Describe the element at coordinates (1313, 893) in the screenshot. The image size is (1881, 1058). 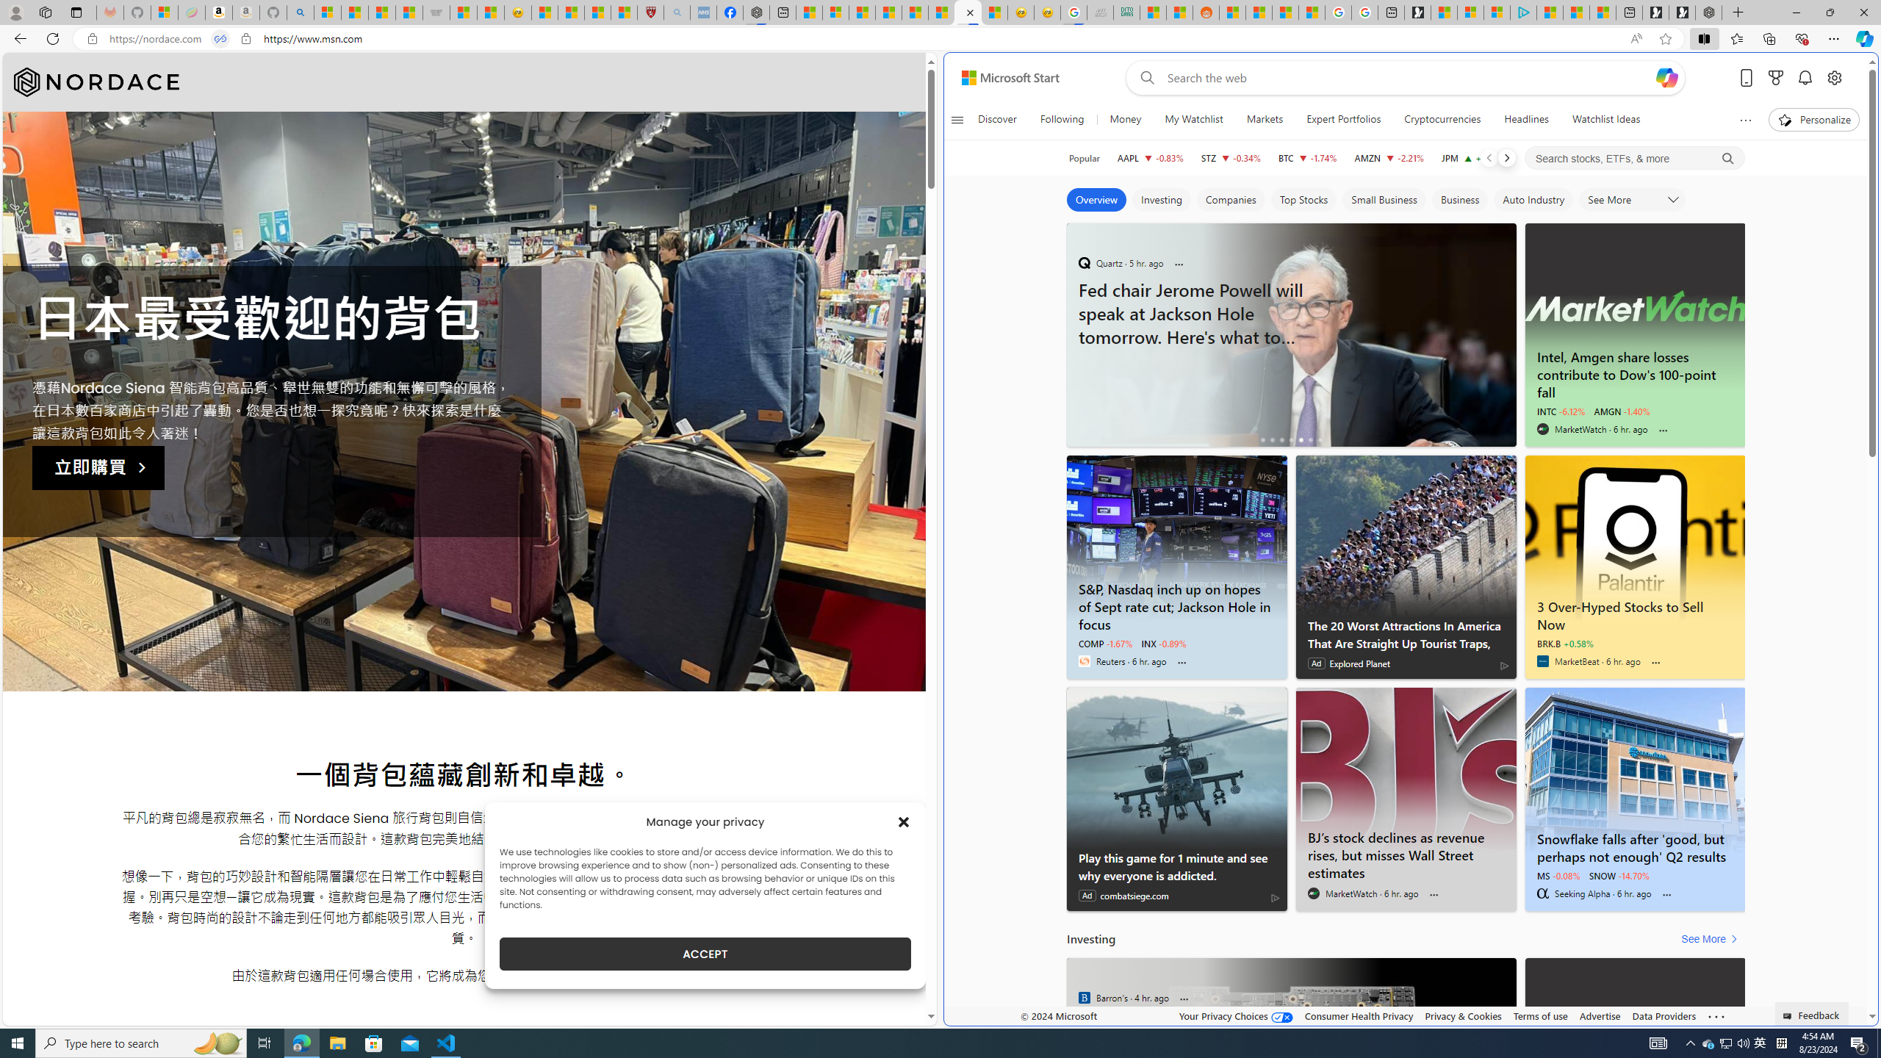
I see `'MarketWatch'` at that location.